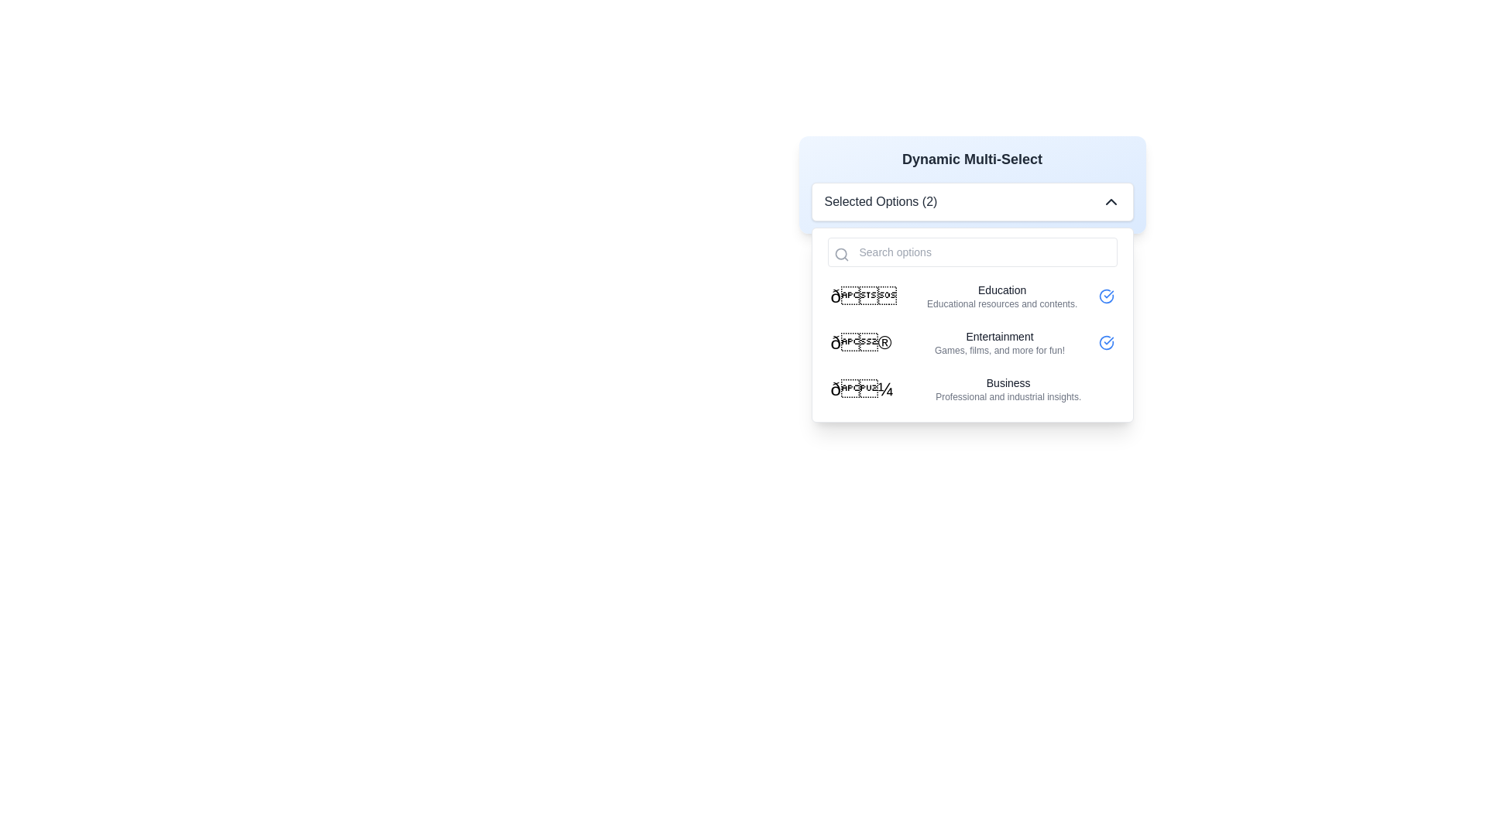  Describe the element at coordinates (840, 253) in the screenshot. I see `the SVG Circle that is part of the magnifying glass icon, located at the top-left corner of the dropdown panel adjacent to the search text input` at that location.